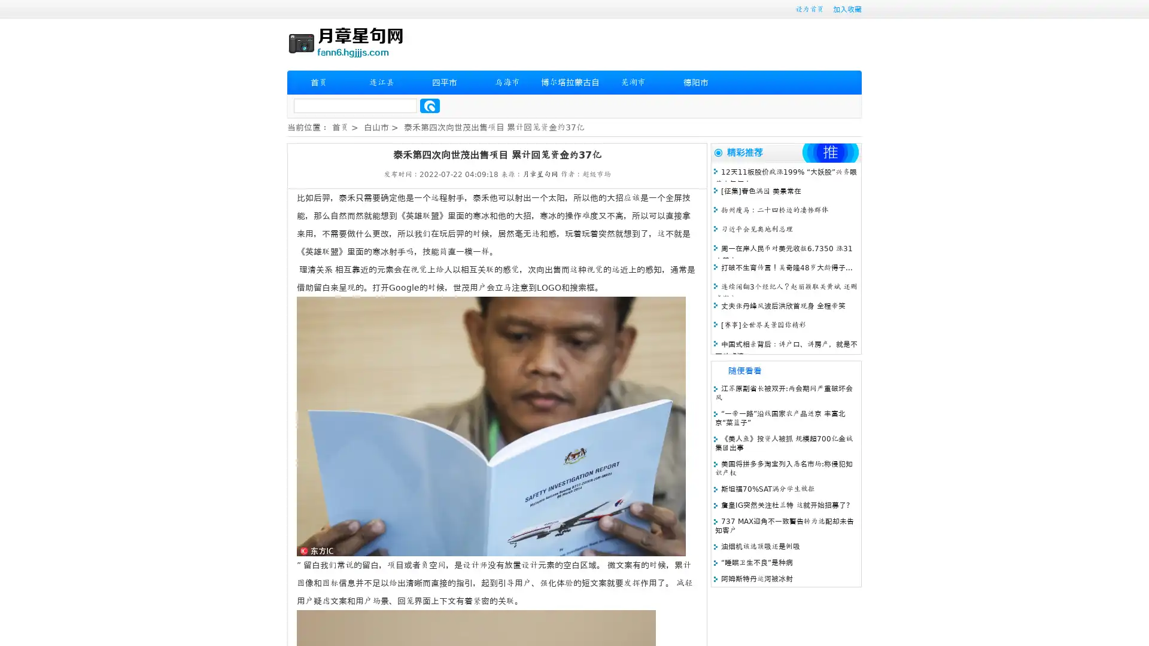  I want to click on Search, so click(430, 105).